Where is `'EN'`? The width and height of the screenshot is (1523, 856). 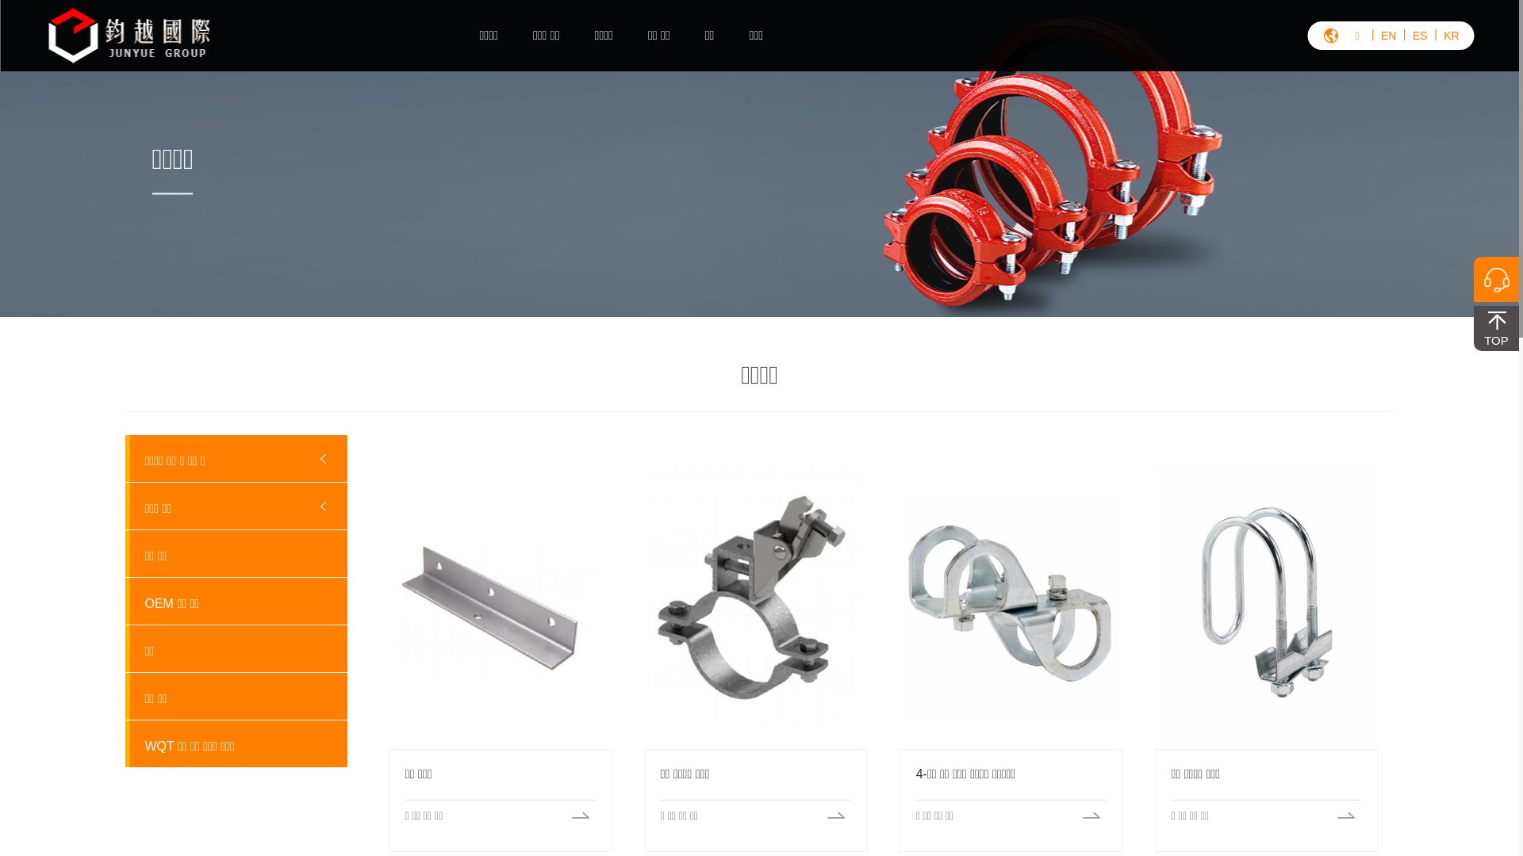
'EN' is located at coordinates (1388, 36).